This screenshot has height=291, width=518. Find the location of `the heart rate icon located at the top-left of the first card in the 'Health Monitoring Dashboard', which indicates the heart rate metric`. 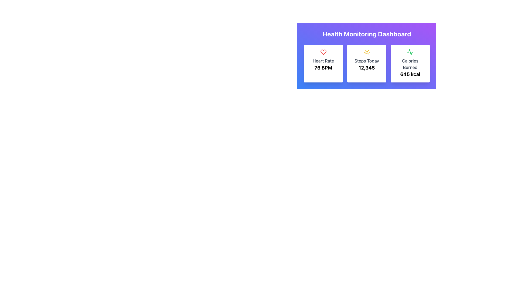

the heart rate icon located at the top-left of the first card in the 'Health Monitoring Dashboard', which indicates the heart rate metric is located at coordinates (323, 52).